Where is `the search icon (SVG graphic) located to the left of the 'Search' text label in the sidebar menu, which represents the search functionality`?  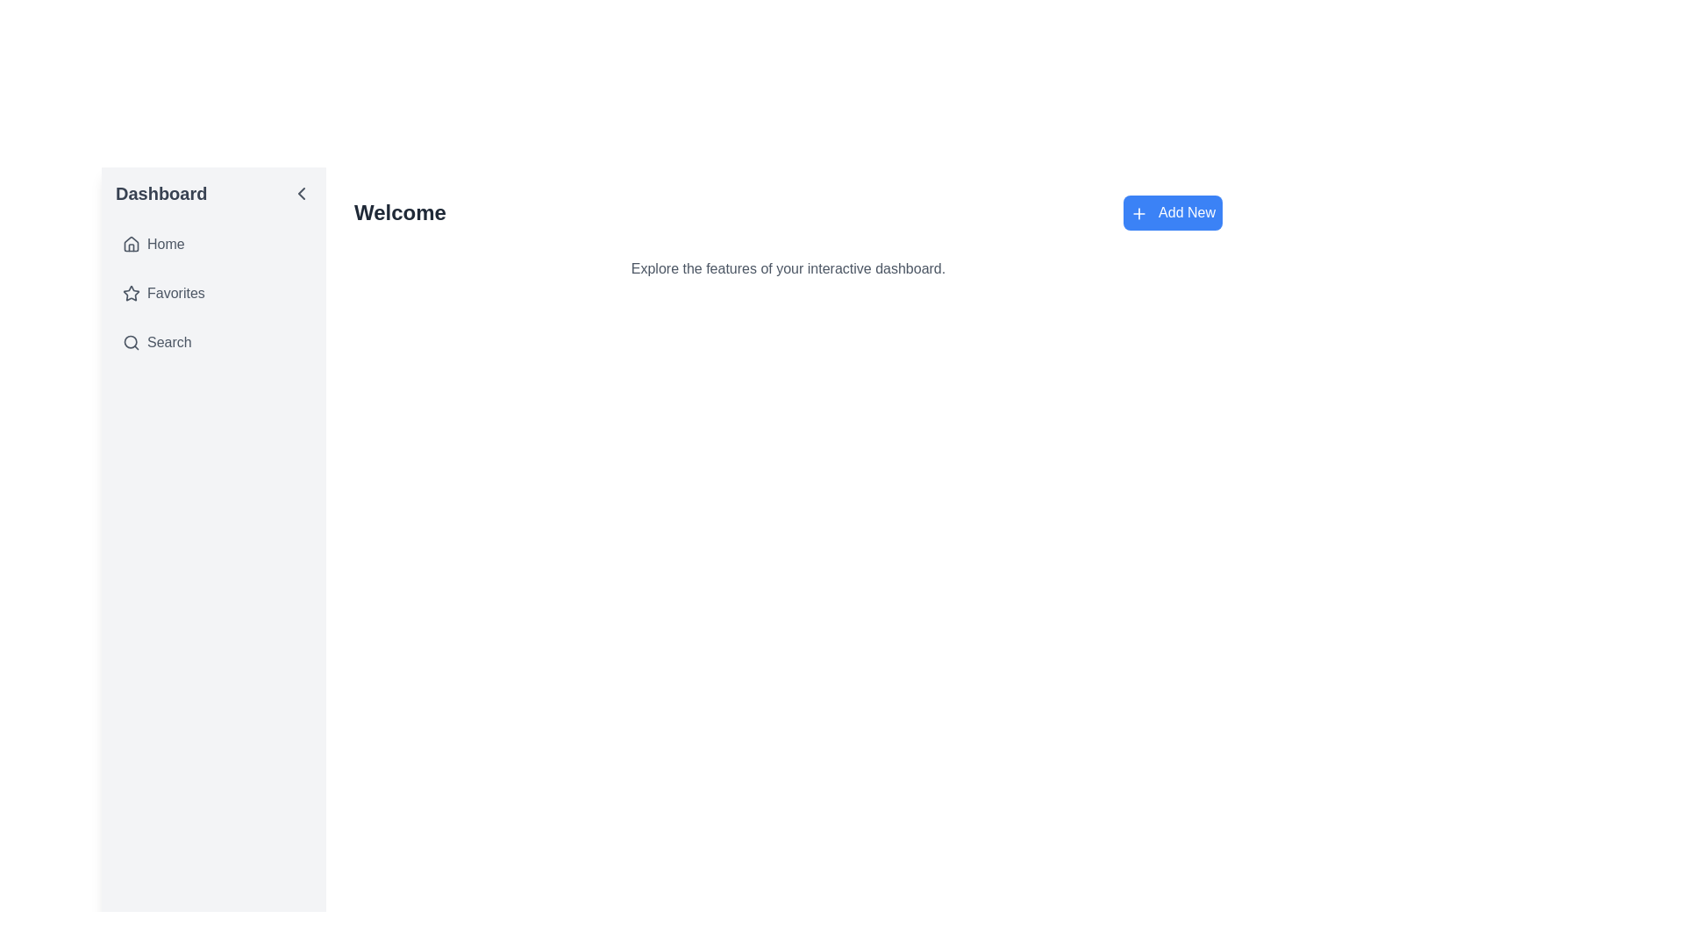 the search icon (SVG graphic) located to the left of the 'Search' text label in the sidebar menu, which represents the search functionality is located at coordinates (130, 342).